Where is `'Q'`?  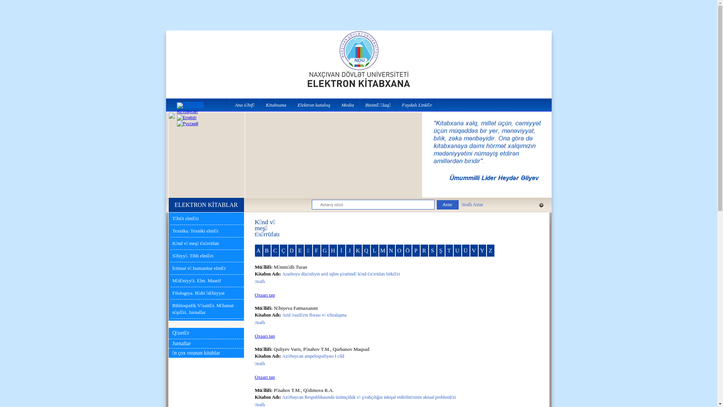 'Q' is located at coordinates (364, 250).